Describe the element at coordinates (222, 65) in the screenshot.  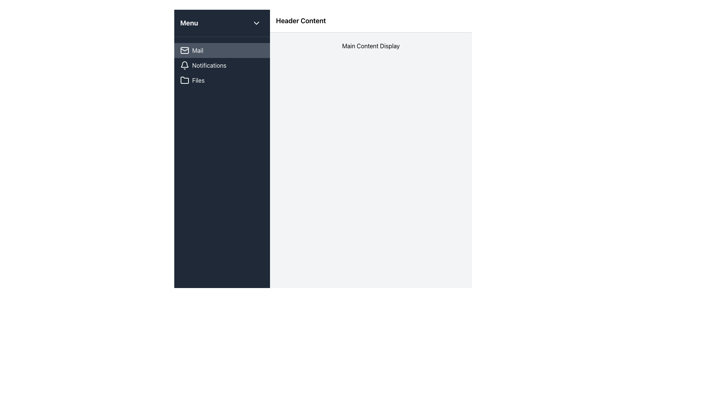
I see `the 'Notifications' item in the menu panel located in the left sidebar, which is the second item in the vertically stacked group of text and icons` at that location.